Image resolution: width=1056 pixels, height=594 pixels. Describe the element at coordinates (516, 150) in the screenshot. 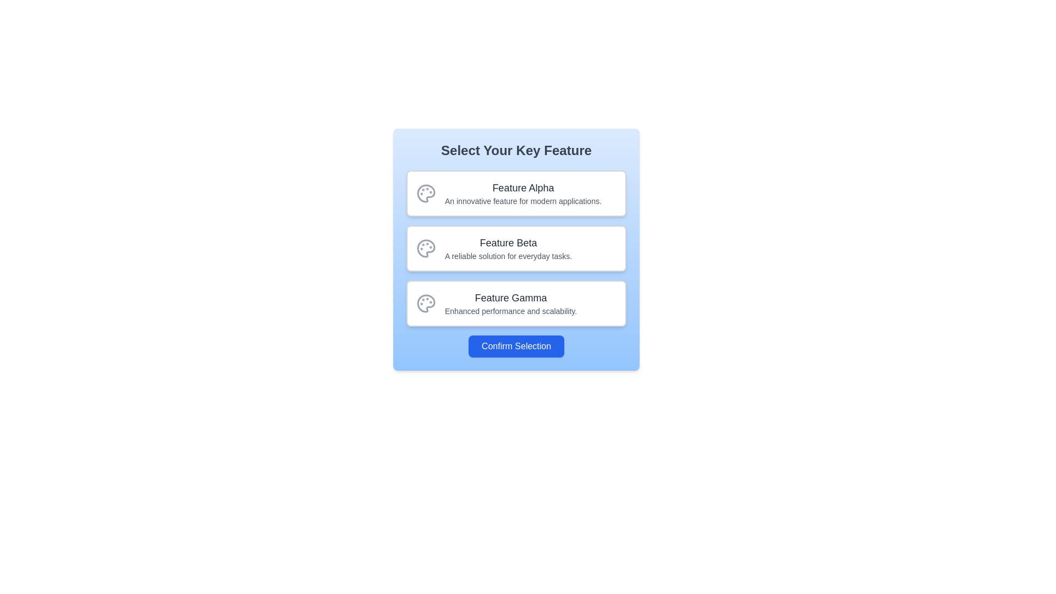

I see `the text label that says 'Select Your Key Feature', which is styled in bold and large font at the top of a light blue card` at that location.